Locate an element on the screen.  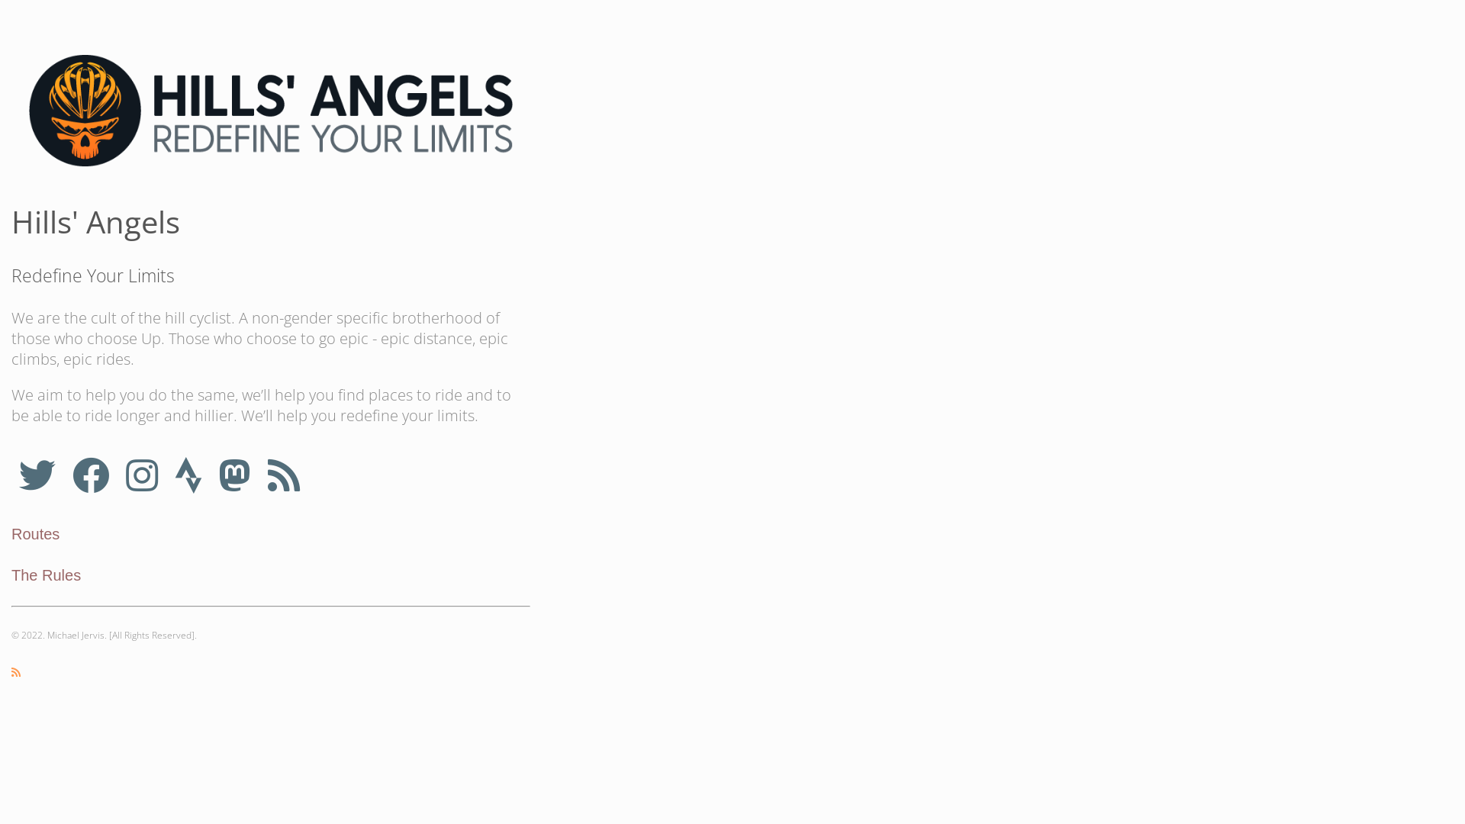
'Routes' is located at coordinates (35, 533).